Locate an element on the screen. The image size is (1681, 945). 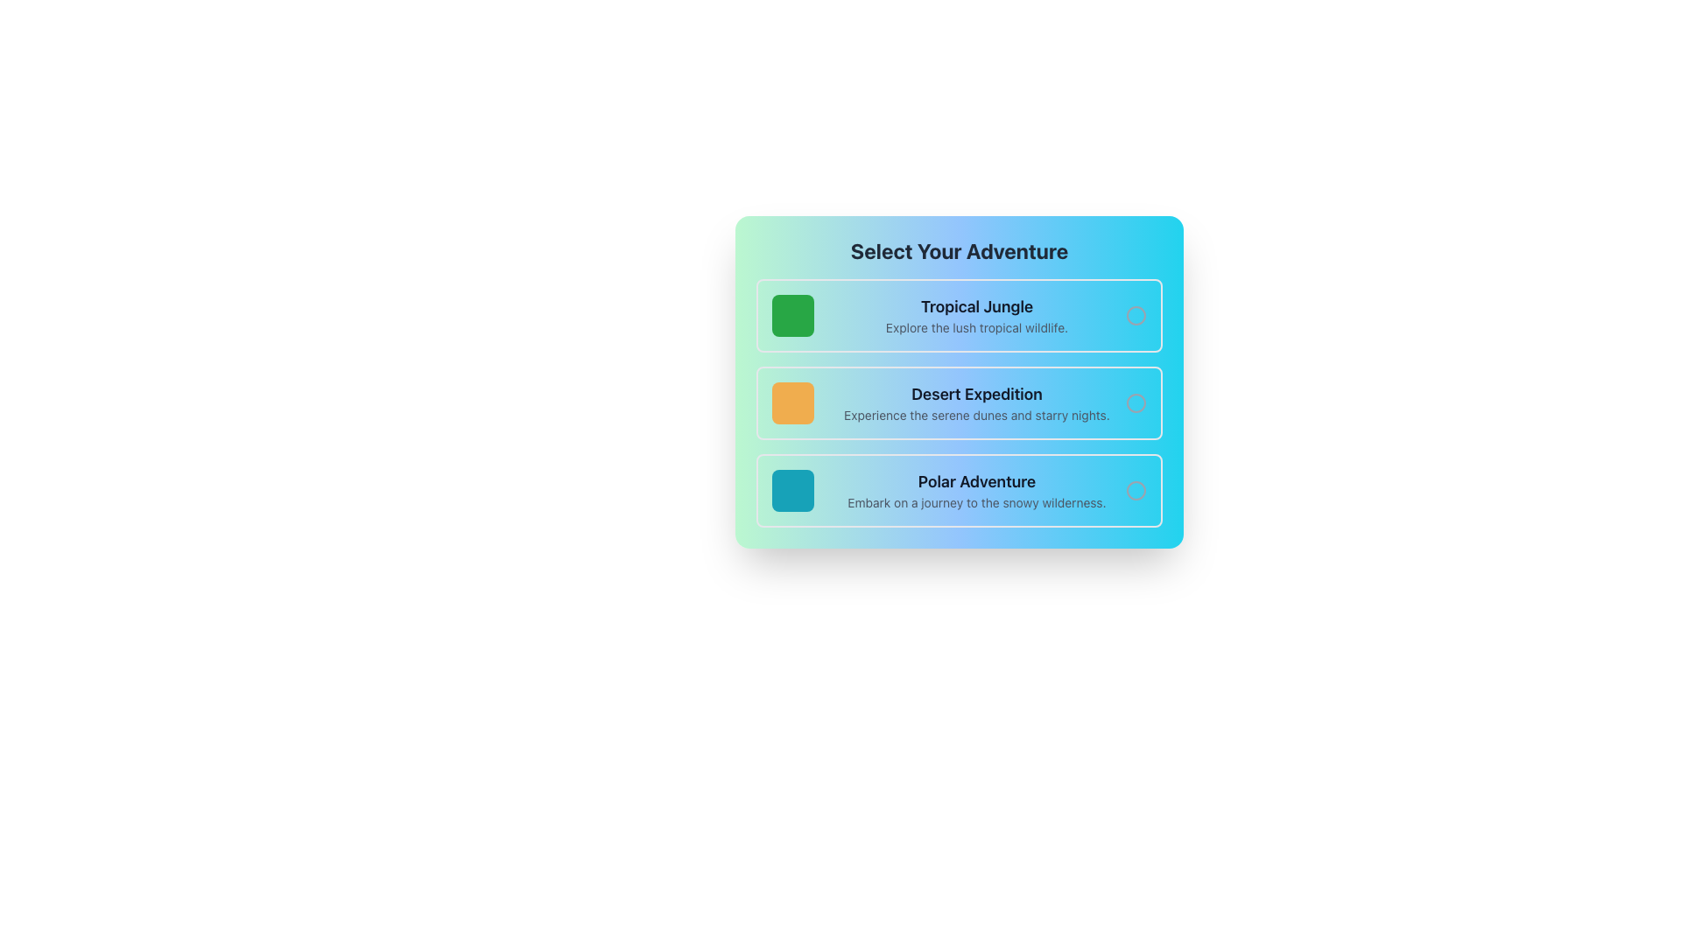
text of the label that serves as the title for the top adventure choice in the selection list, which is the first line of text in the vertical list of options is located at coordinates (976, 306).